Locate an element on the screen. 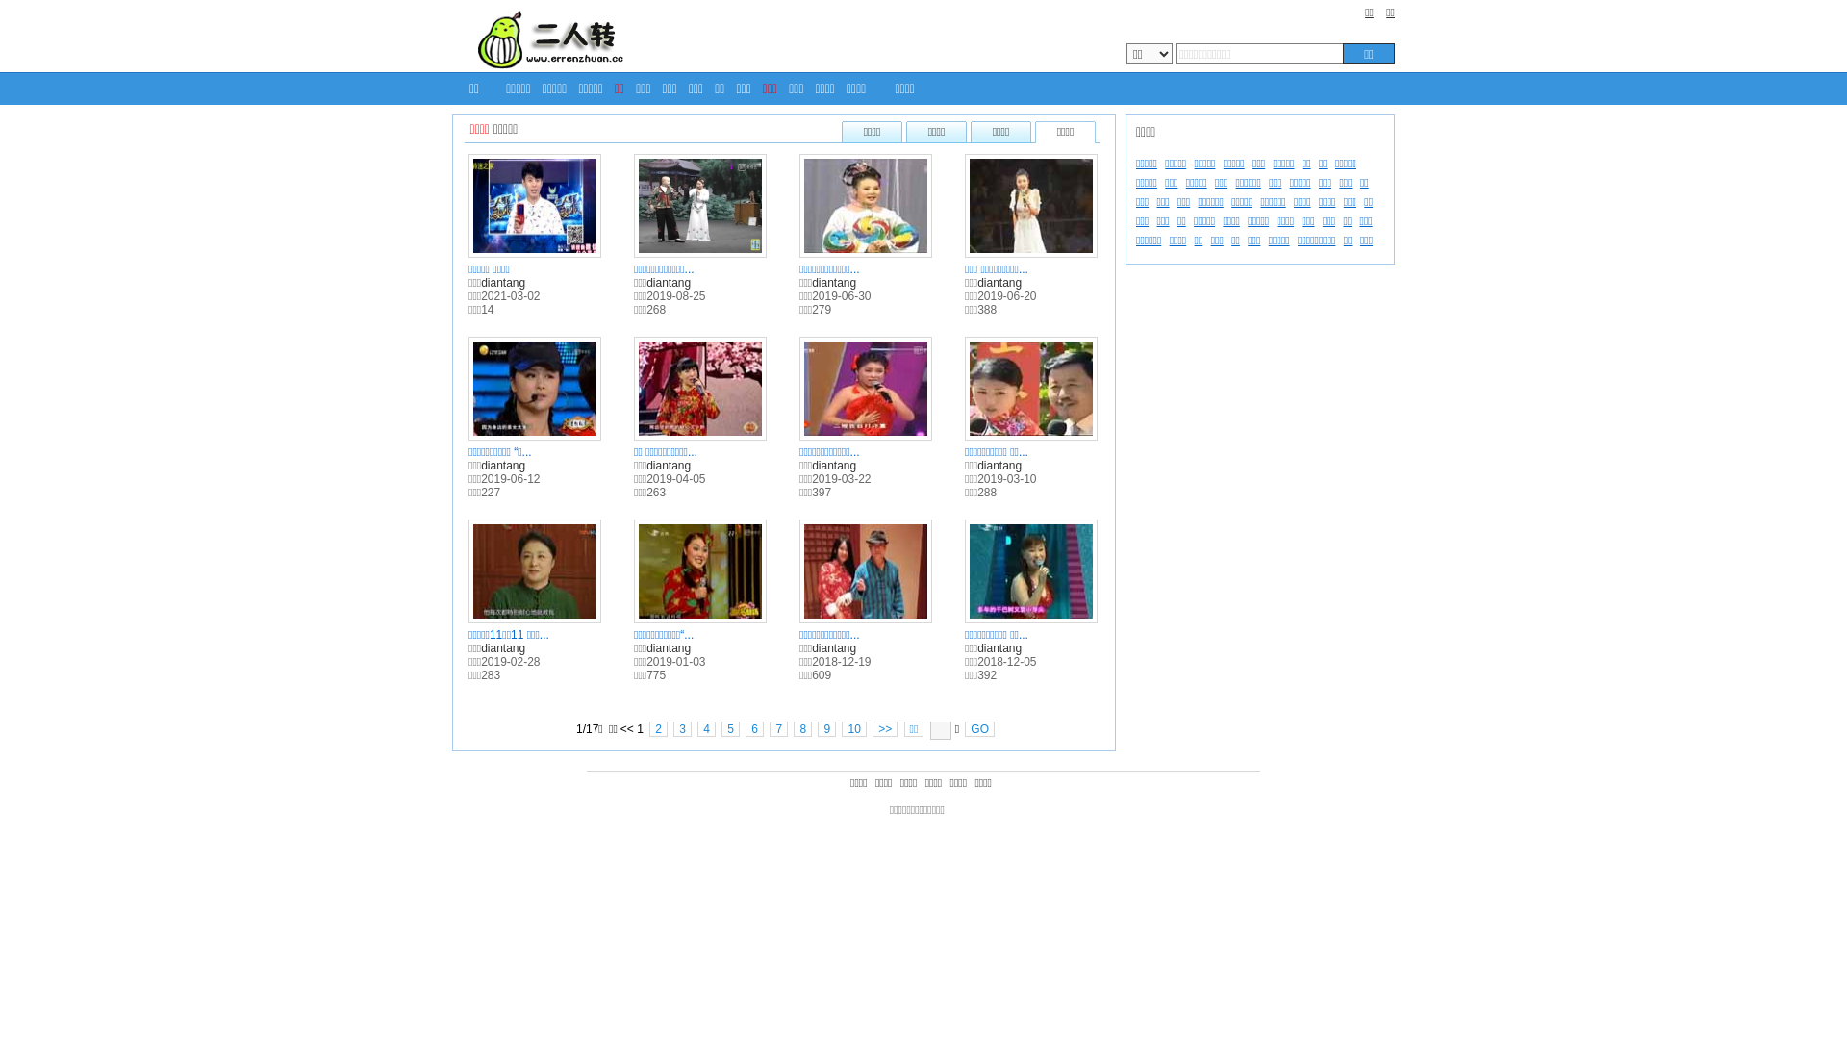 This screenshot has height=1039, width=1847. '3' is located at coordinates (682, 729).